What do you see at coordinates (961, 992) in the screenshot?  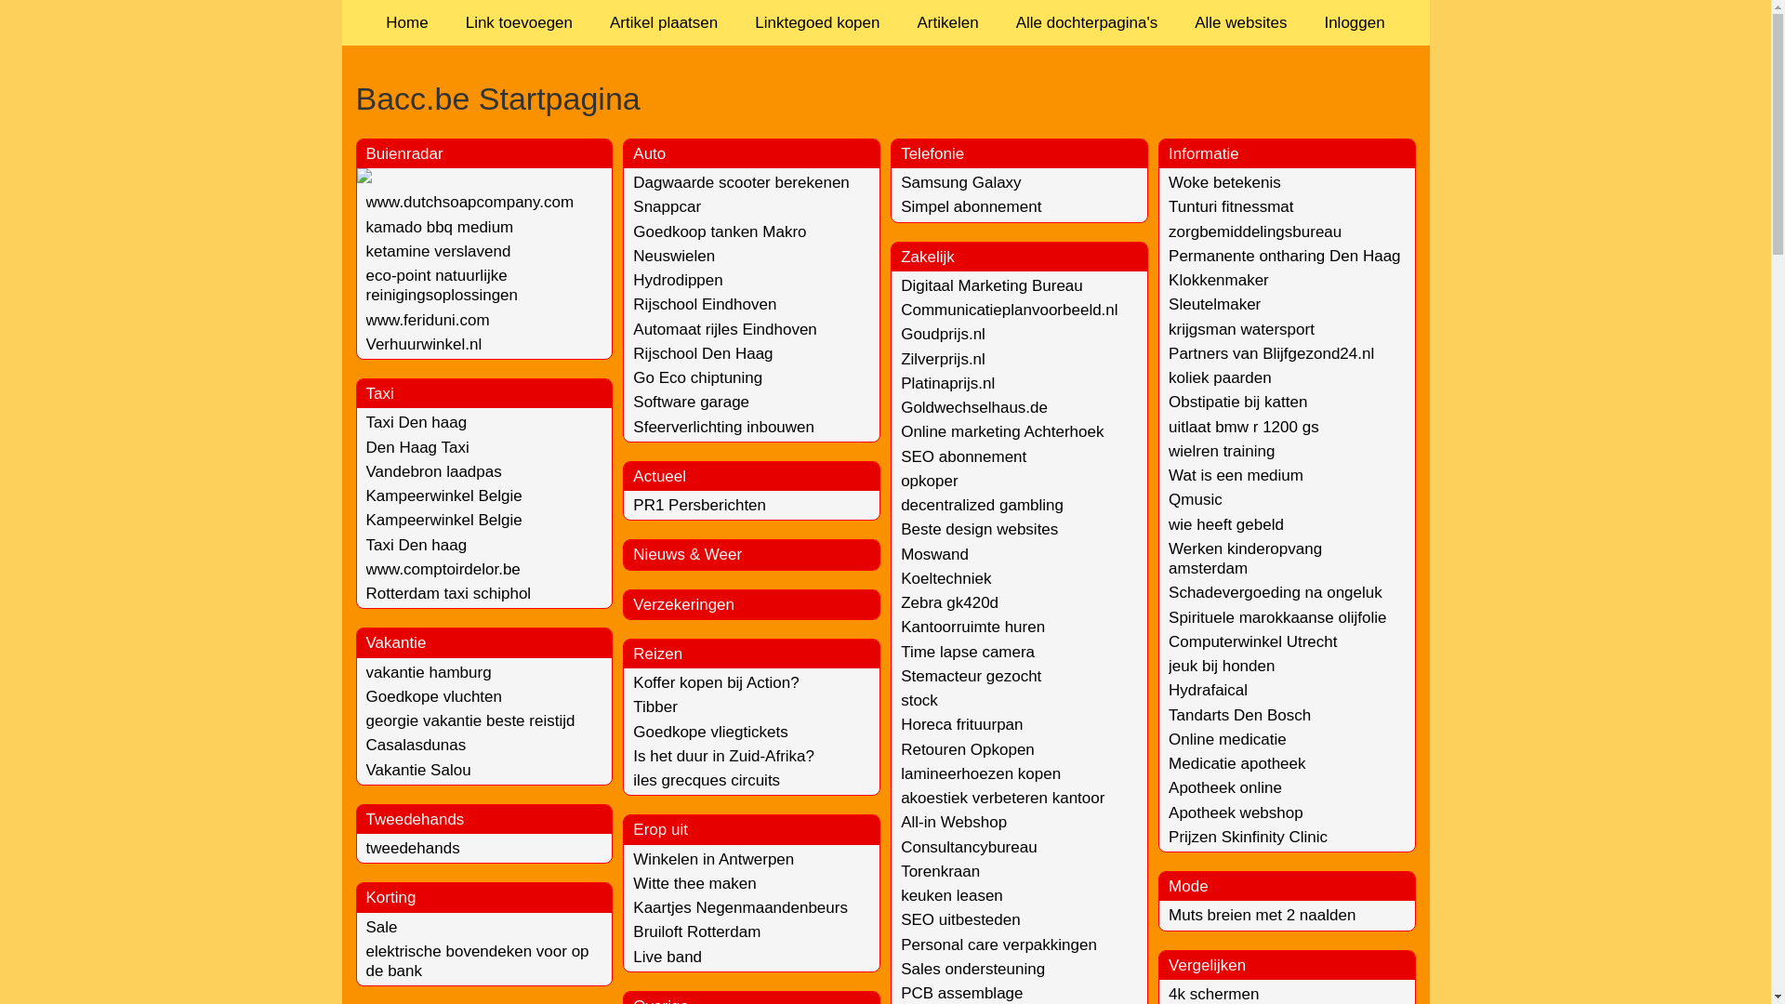 I see `'PCB assemblage'` at bounding box center [961, 992].